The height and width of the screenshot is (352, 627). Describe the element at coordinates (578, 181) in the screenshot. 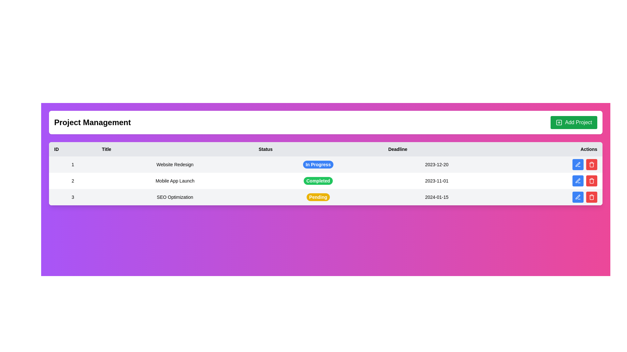

I see `the pen icon button in the 'Actions' column of the table, specifically in the second row for the 'Mobile App Launch' entry` at that location.